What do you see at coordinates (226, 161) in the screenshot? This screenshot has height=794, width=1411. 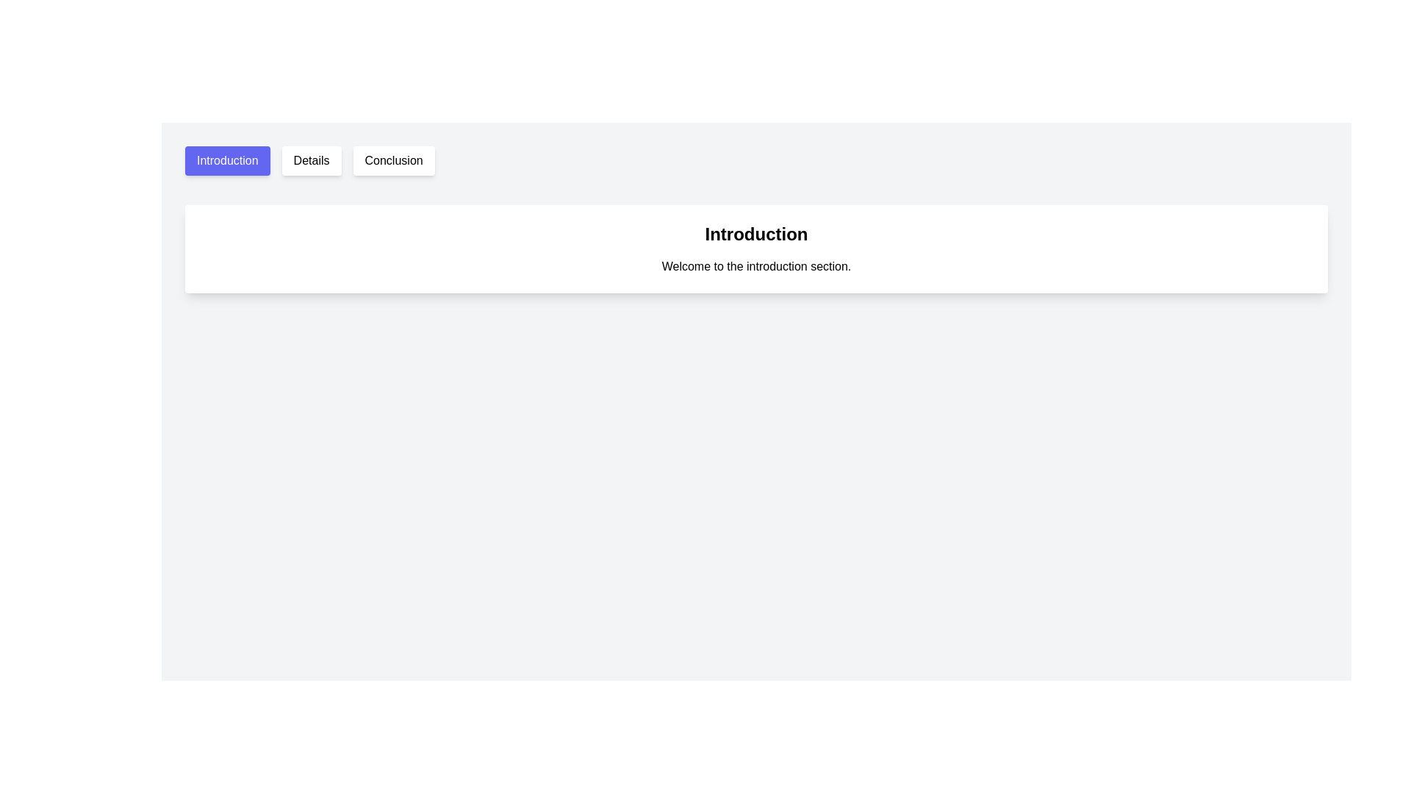 I see `the 'Introduction' button located on the left side of the button group to observe potential visual feedback` at bounding box center [226, 161].